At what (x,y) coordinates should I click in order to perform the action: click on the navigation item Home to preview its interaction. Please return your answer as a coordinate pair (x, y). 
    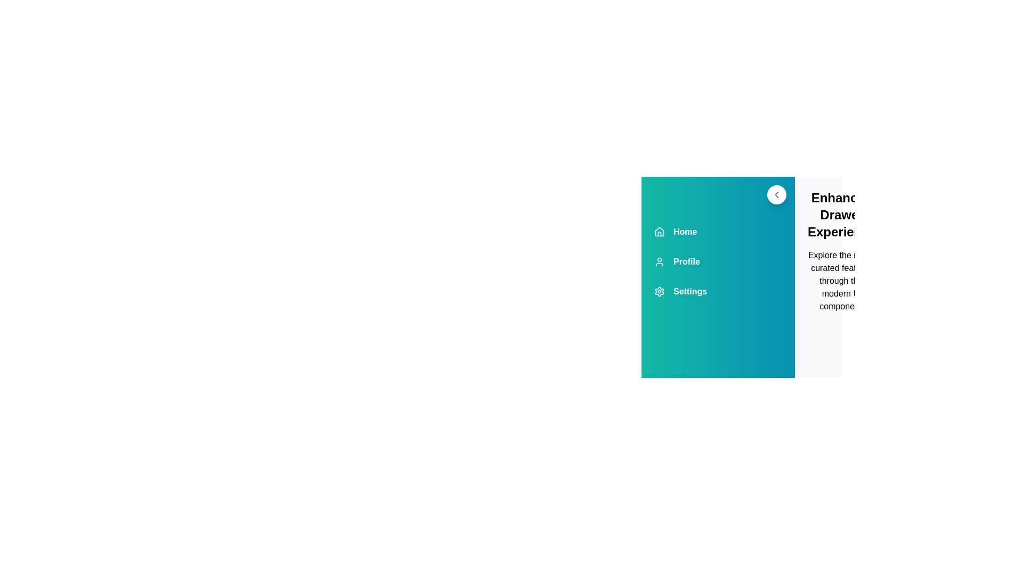
    Looking at the image, I should click on (718, 231).